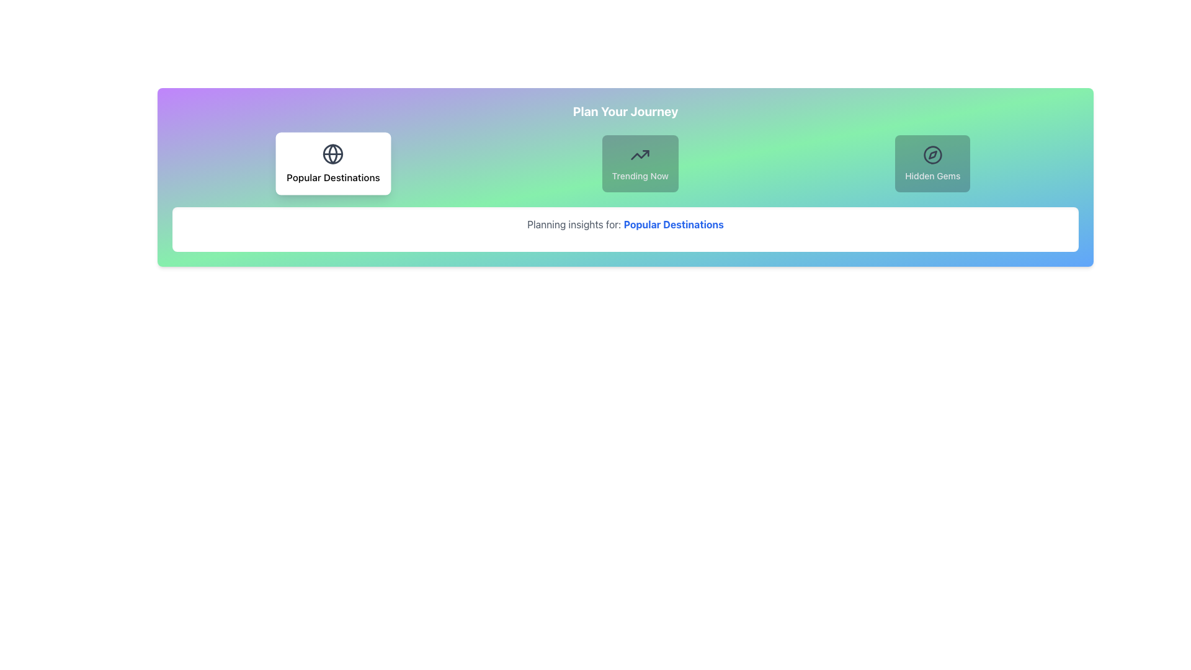 The height and width of the screenshot is (670, 1191). I want to click on the 'Popular Destinations' text label located within the white rounded card, which is positioned below a globe icon in the central top section of the interface, so click(333, 177).